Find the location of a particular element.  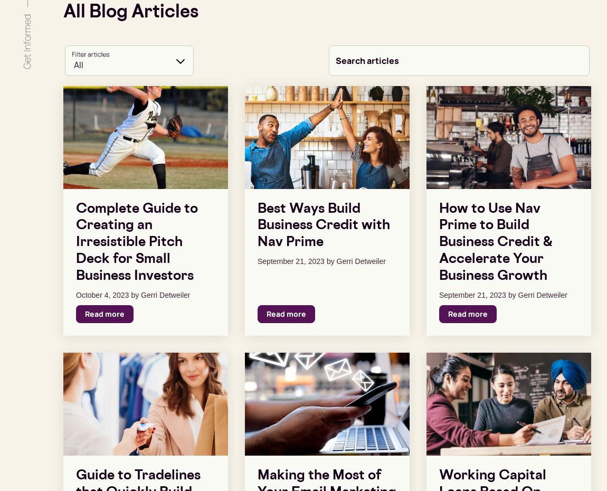

'October 4, 2023' is located at coordinates (75, 295).